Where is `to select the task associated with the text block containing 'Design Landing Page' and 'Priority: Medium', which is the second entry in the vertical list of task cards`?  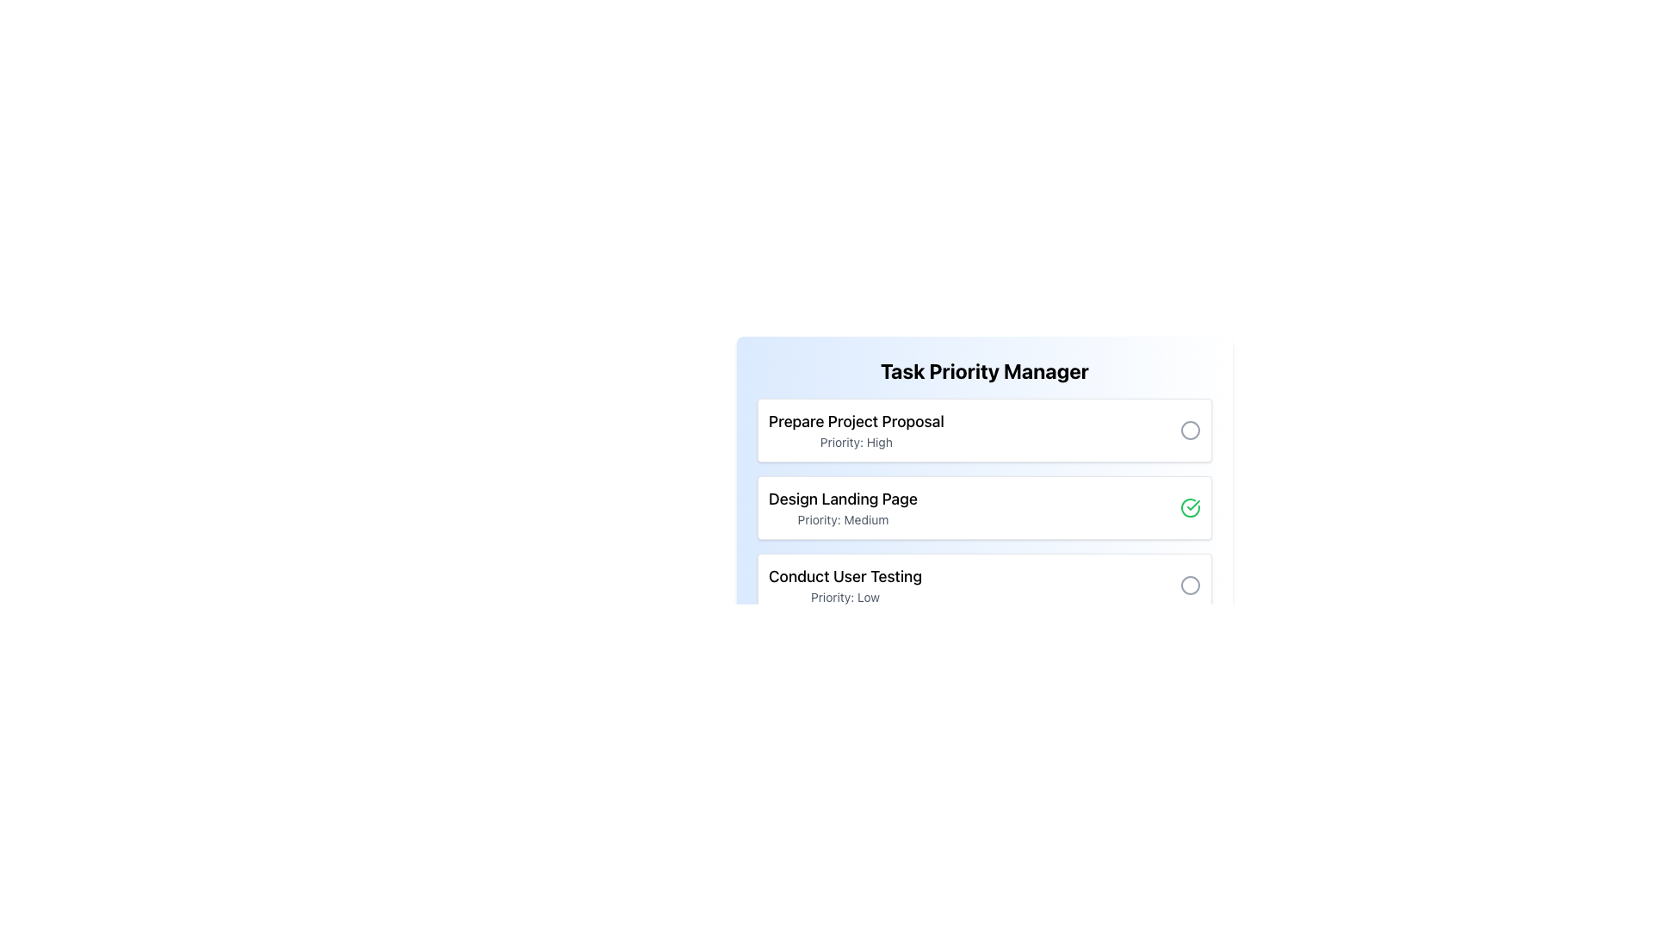 to select the task associated with the text block containing 'Design Landing Page' and 'Priority: Medium', which is the second entry in the vertical list of task cards is located at coordinates (843, 507).